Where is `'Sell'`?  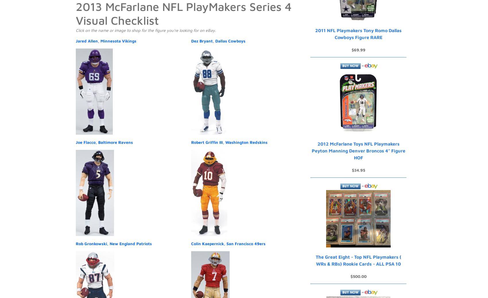 'Sell' is located at coordinates (169, 239).